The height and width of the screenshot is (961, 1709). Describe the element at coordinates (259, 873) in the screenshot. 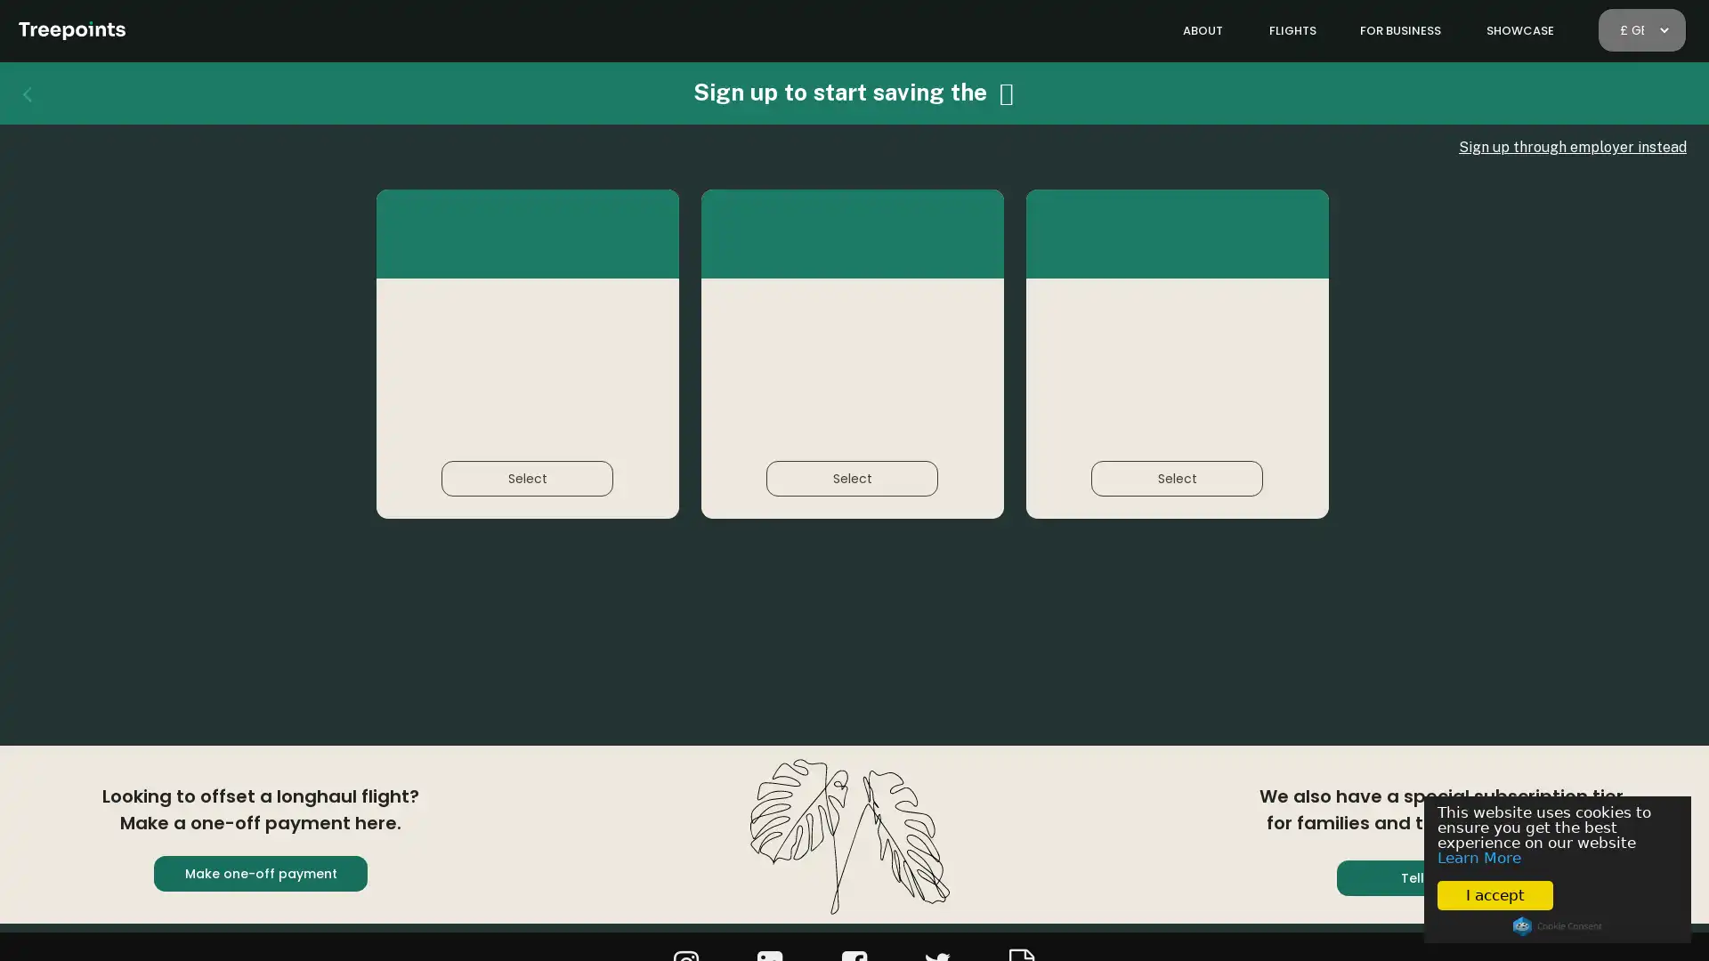

I see `Make one-off payment` at that location.